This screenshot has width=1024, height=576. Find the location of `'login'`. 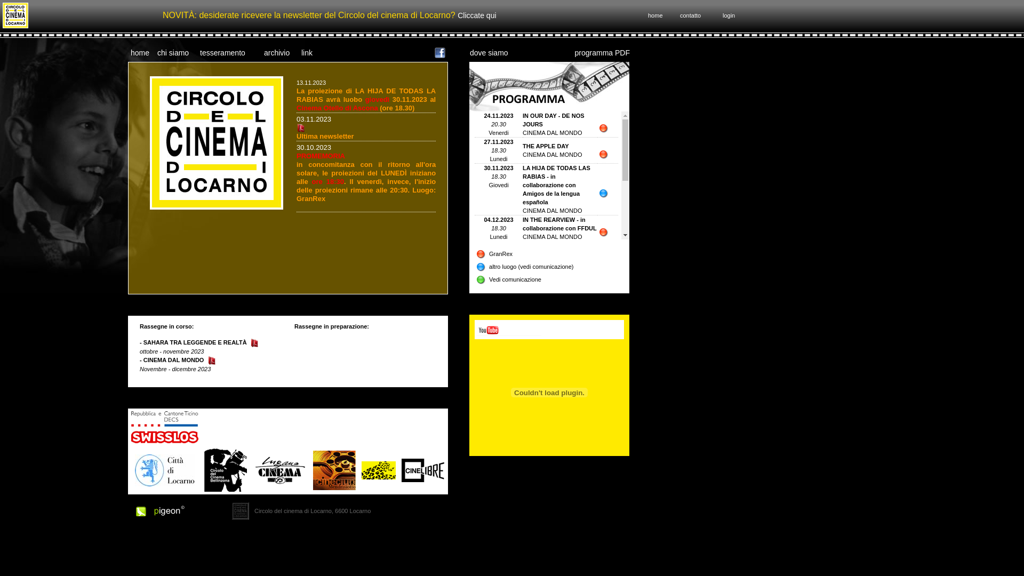

'login' is located at coordinates (728, 15).